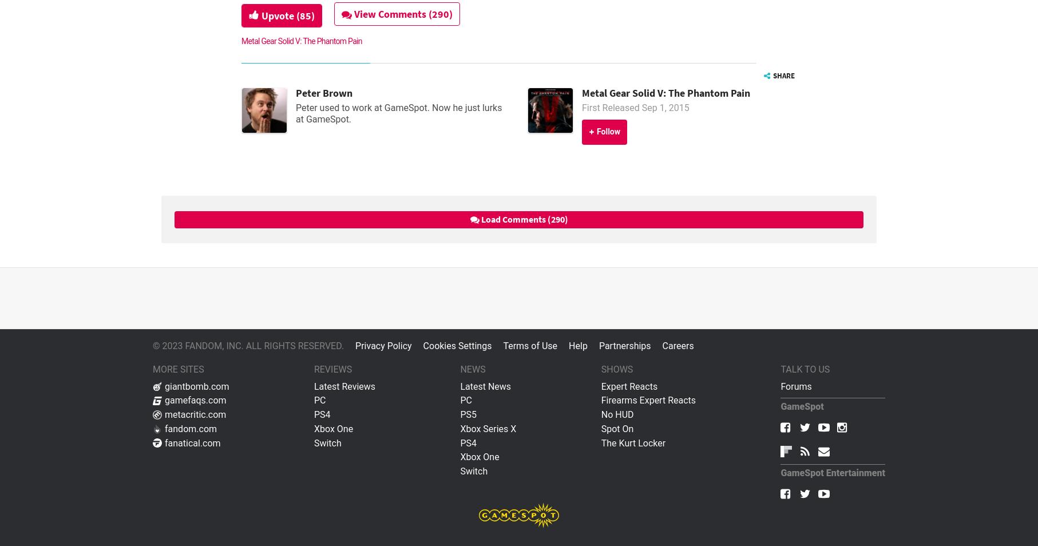 Image resolution: width=1038 pixels, height=546 pixels. I want to click on 'Firearms Expert Reacts', so click(648, 399).